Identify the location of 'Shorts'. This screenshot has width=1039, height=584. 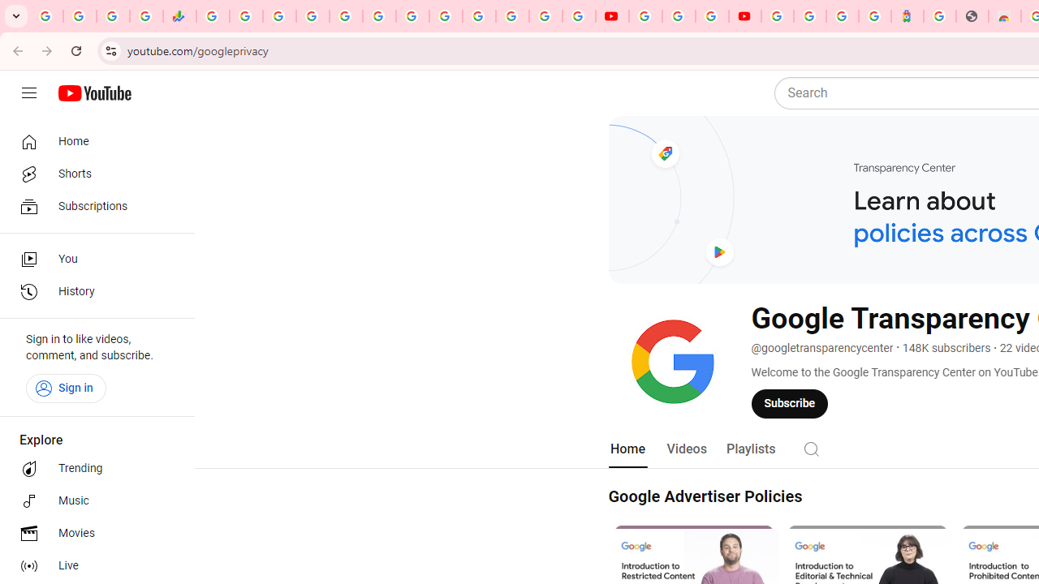
(91, 174).